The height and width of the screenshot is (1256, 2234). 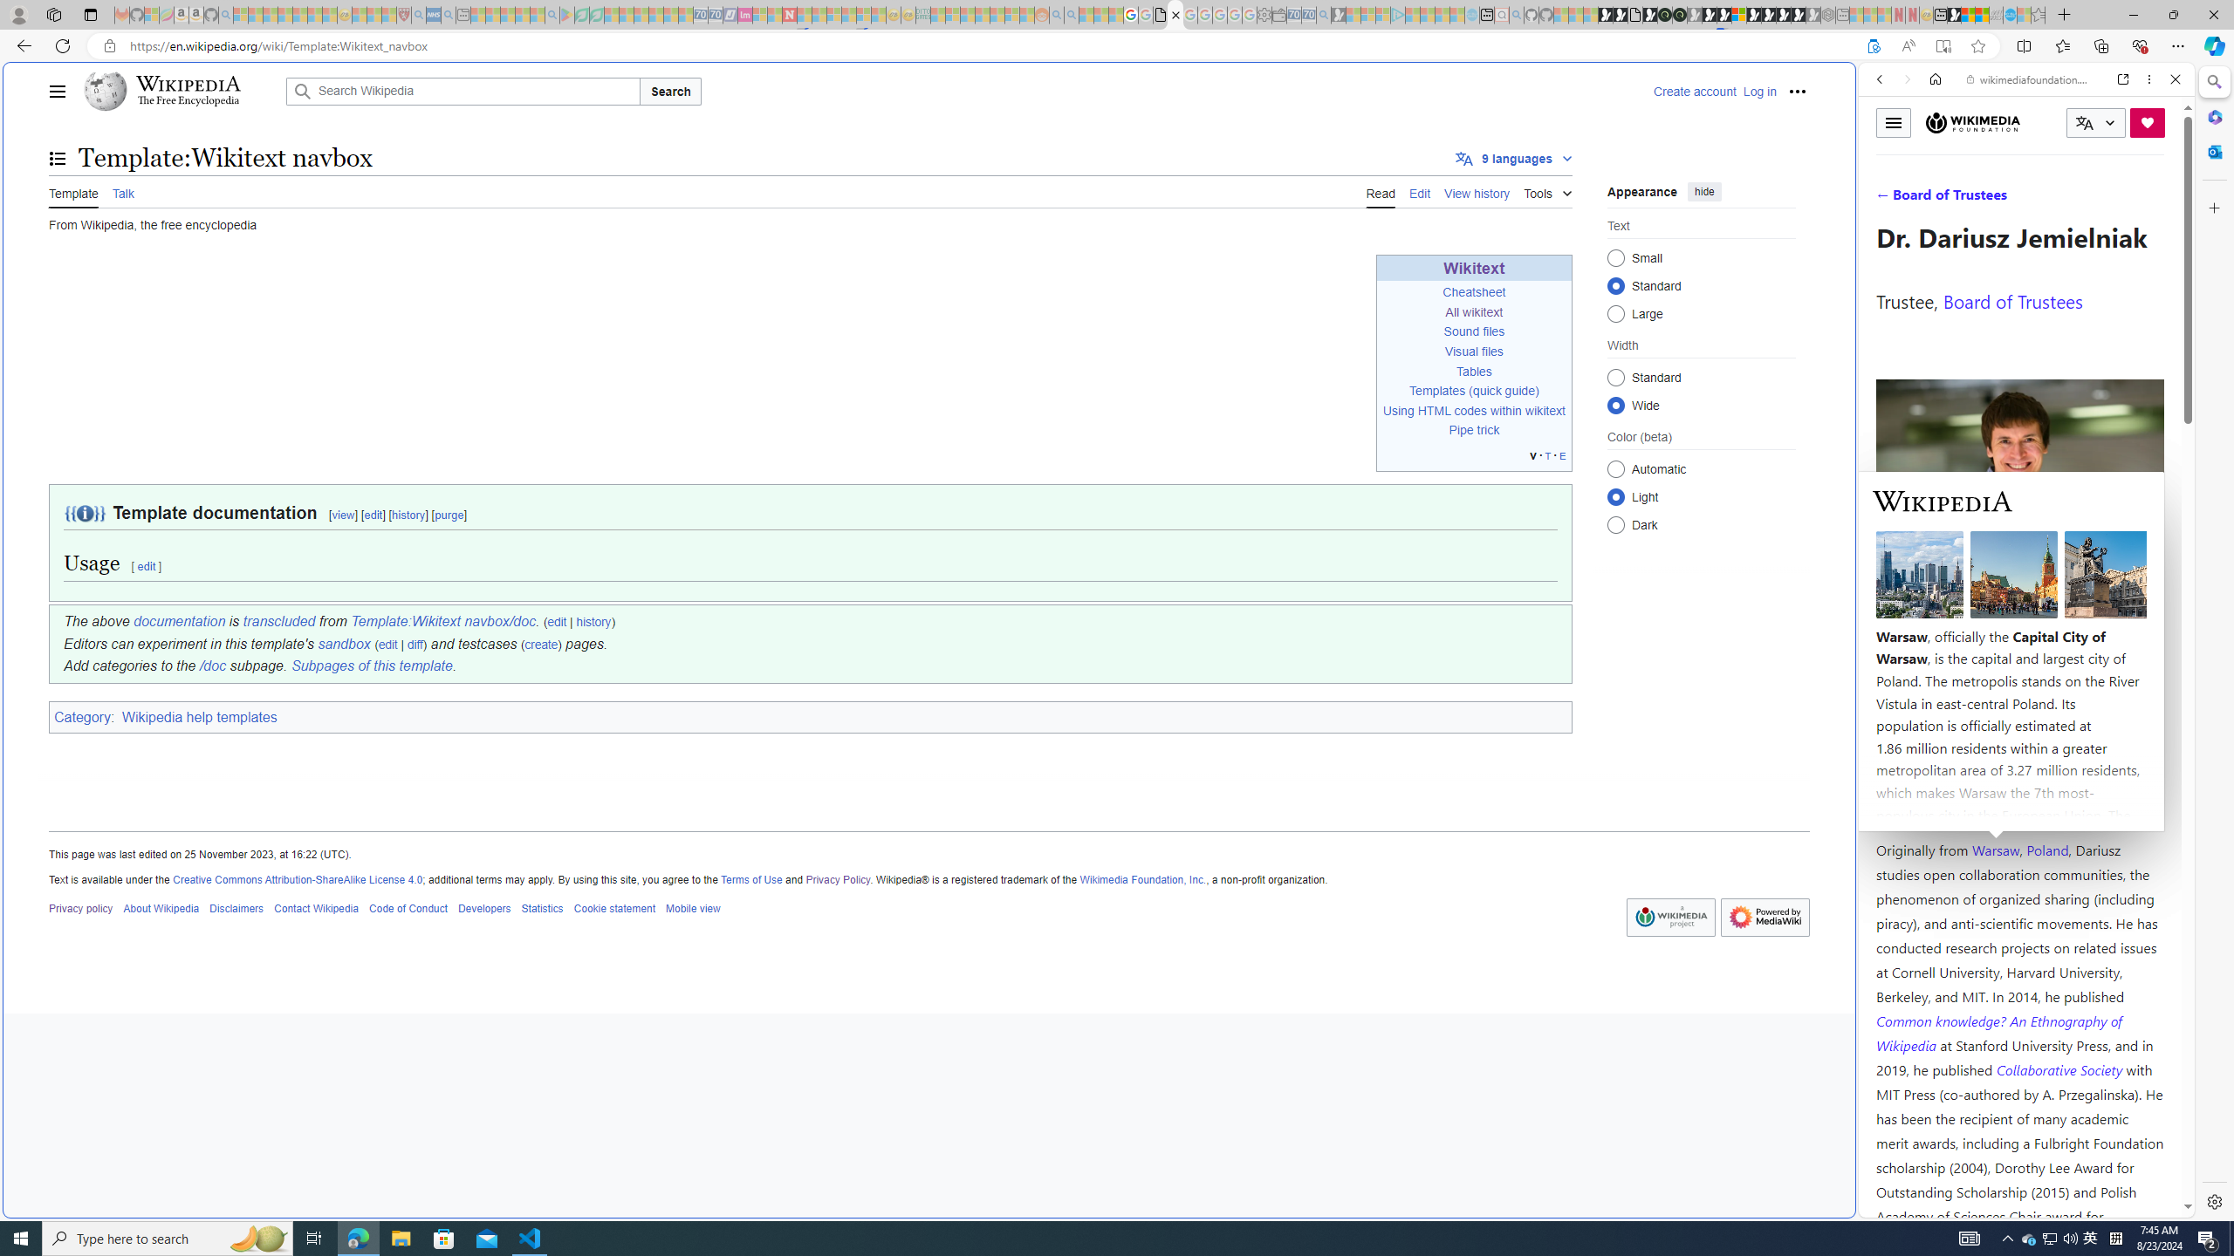 What do you see at coordinates (1615, 313) in the screenshot?
I see `'Large'` at bounding box center [1615, 313].